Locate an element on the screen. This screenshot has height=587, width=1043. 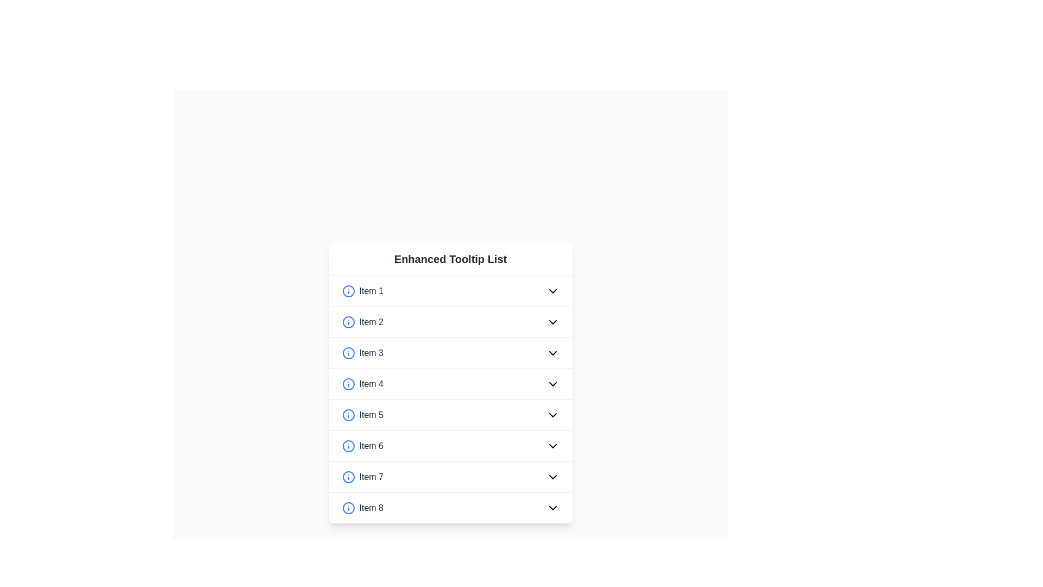
the blue circular icon with a white outline and a smaller filled blue circle inside, located to the left of the 'Item 6' text in the 'Enhanced Tooltip List' on the sixth row is located at coordinates (348, 446).